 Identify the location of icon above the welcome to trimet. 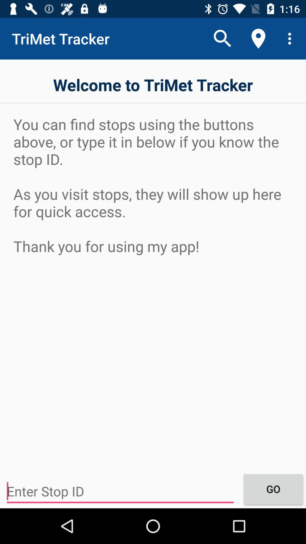
(291, 38).